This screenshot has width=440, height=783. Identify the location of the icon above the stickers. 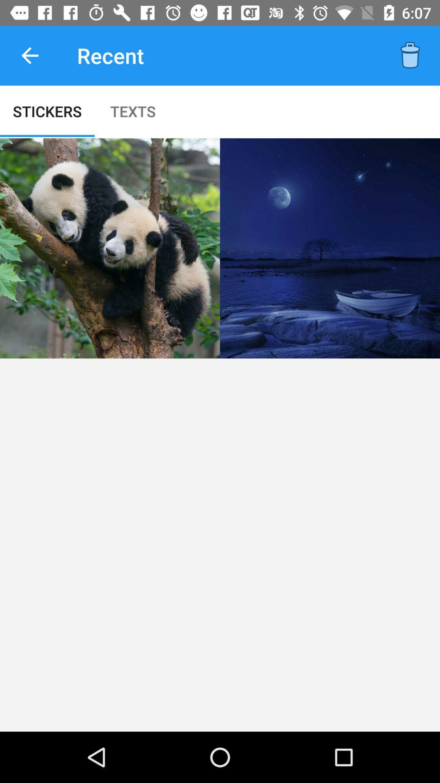
(29, 55).